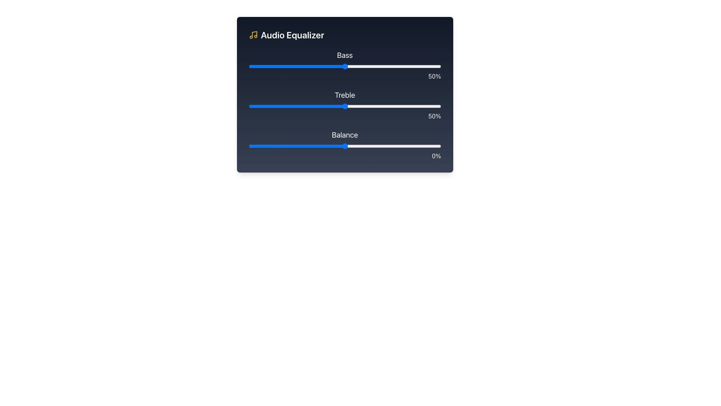  I want to click on balance, so click(268, 146).